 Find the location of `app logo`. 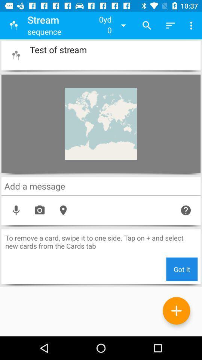

app logo is located at coordinates (16, 55).